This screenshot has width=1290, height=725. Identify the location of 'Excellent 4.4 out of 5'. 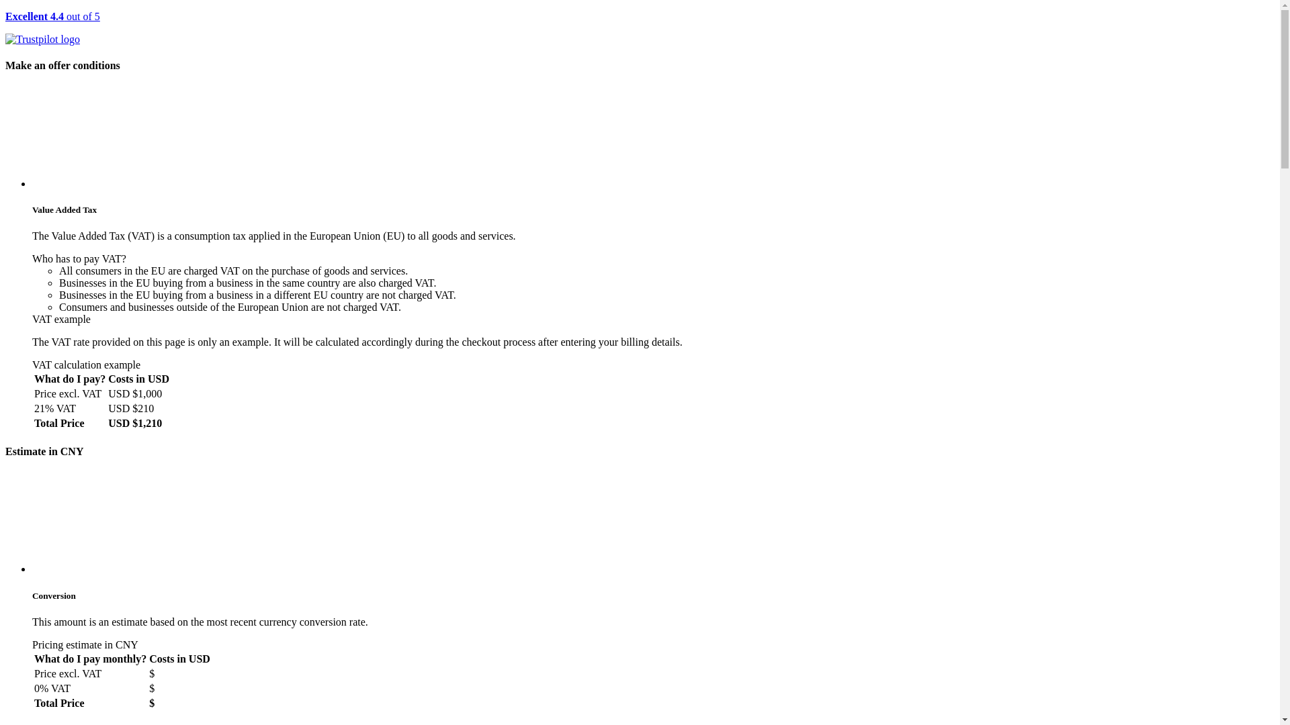
(5, 28).